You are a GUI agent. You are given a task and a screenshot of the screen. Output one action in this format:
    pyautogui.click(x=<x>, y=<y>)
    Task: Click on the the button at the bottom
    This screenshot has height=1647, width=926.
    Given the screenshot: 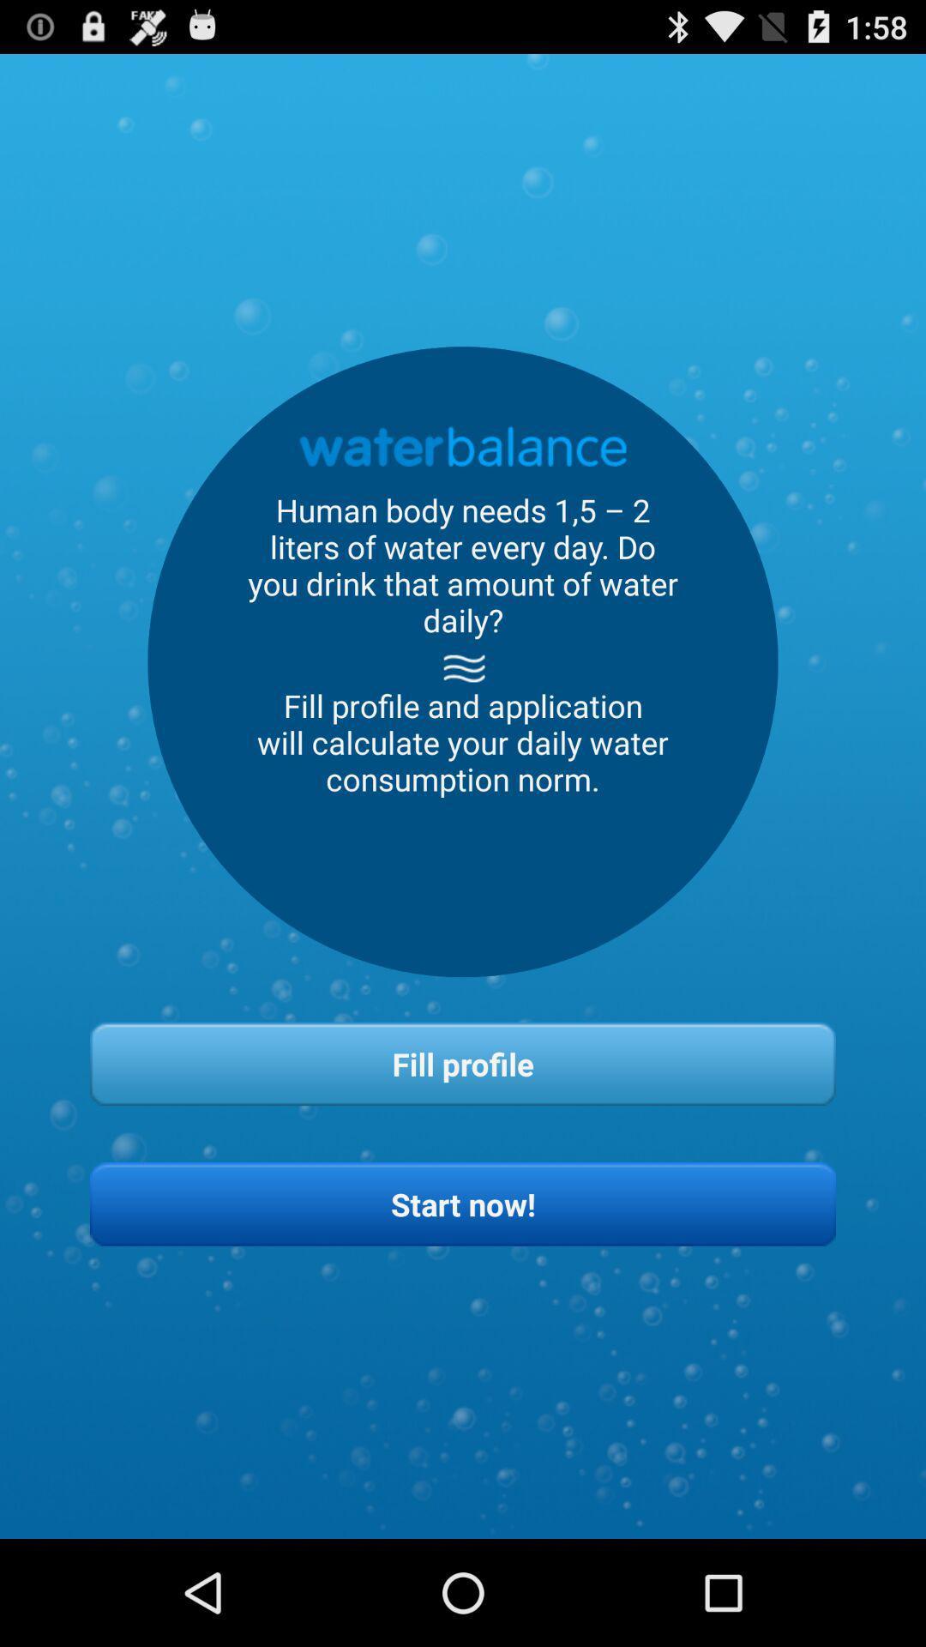 What is the action you would take?
    pyautogui.click(x=463, y=1203)
    